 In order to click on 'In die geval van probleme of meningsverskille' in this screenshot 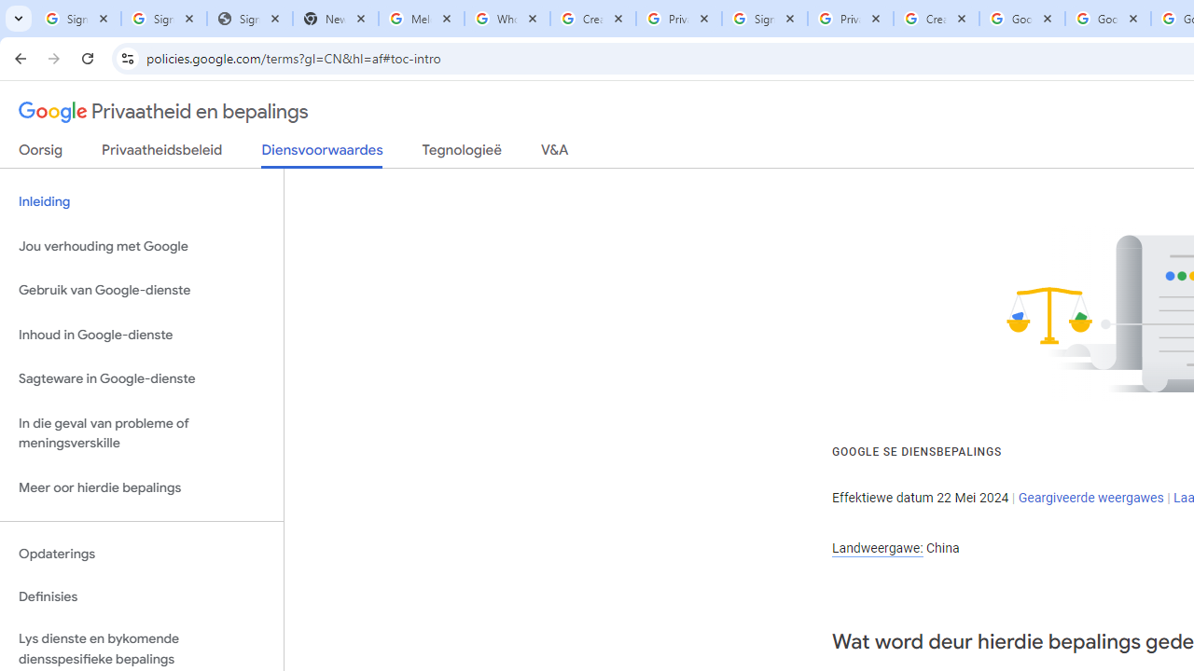, I will do `click(141, 432)`.